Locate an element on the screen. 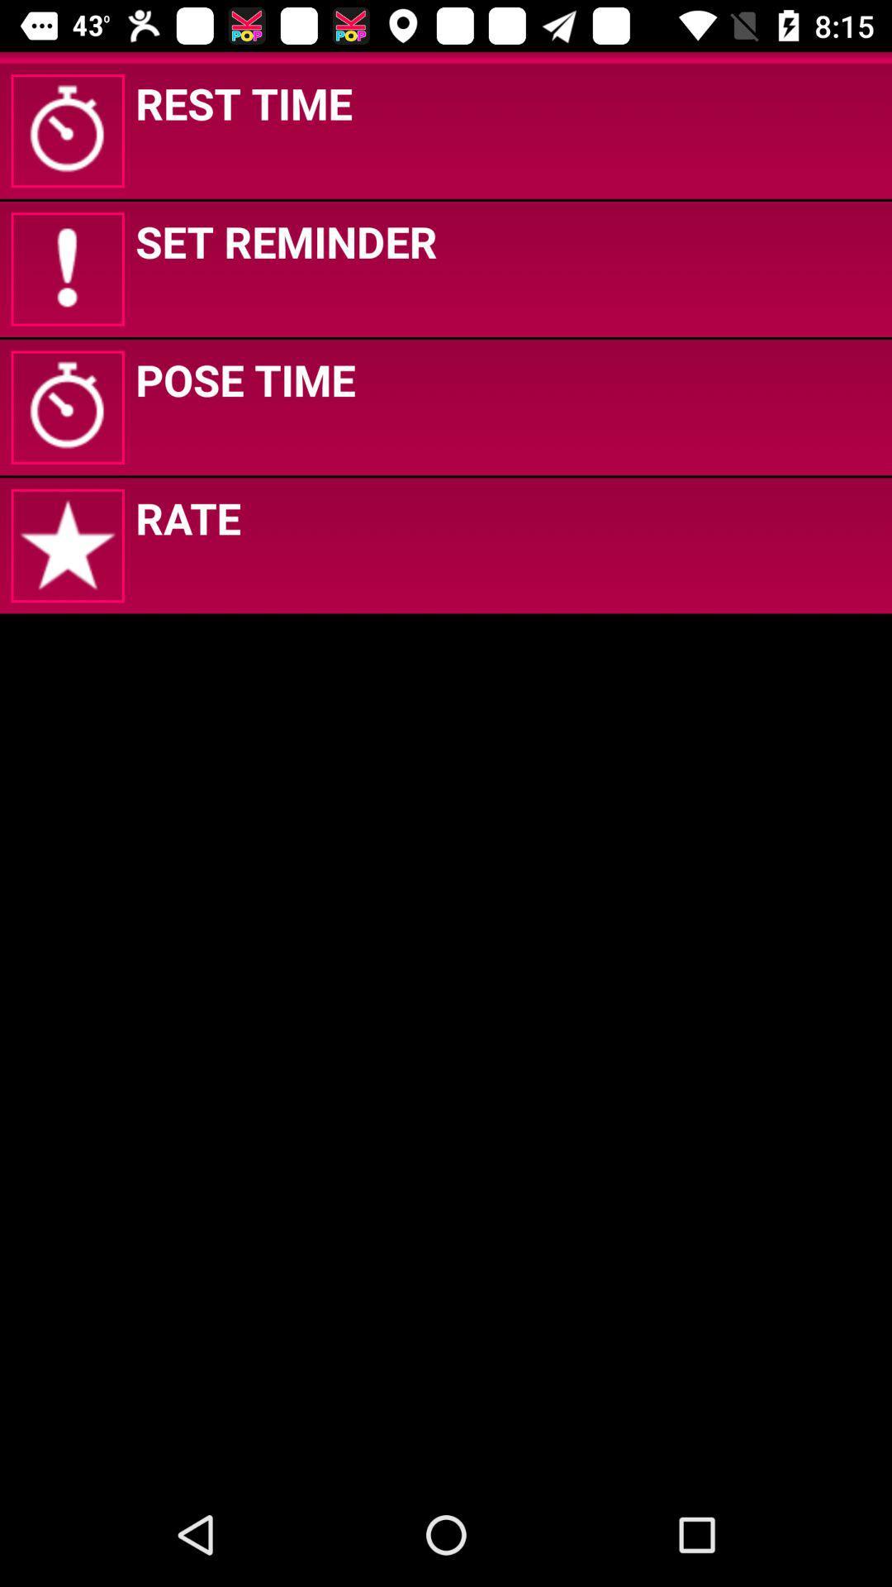  the pose time app is located at coordinates (245, 379).